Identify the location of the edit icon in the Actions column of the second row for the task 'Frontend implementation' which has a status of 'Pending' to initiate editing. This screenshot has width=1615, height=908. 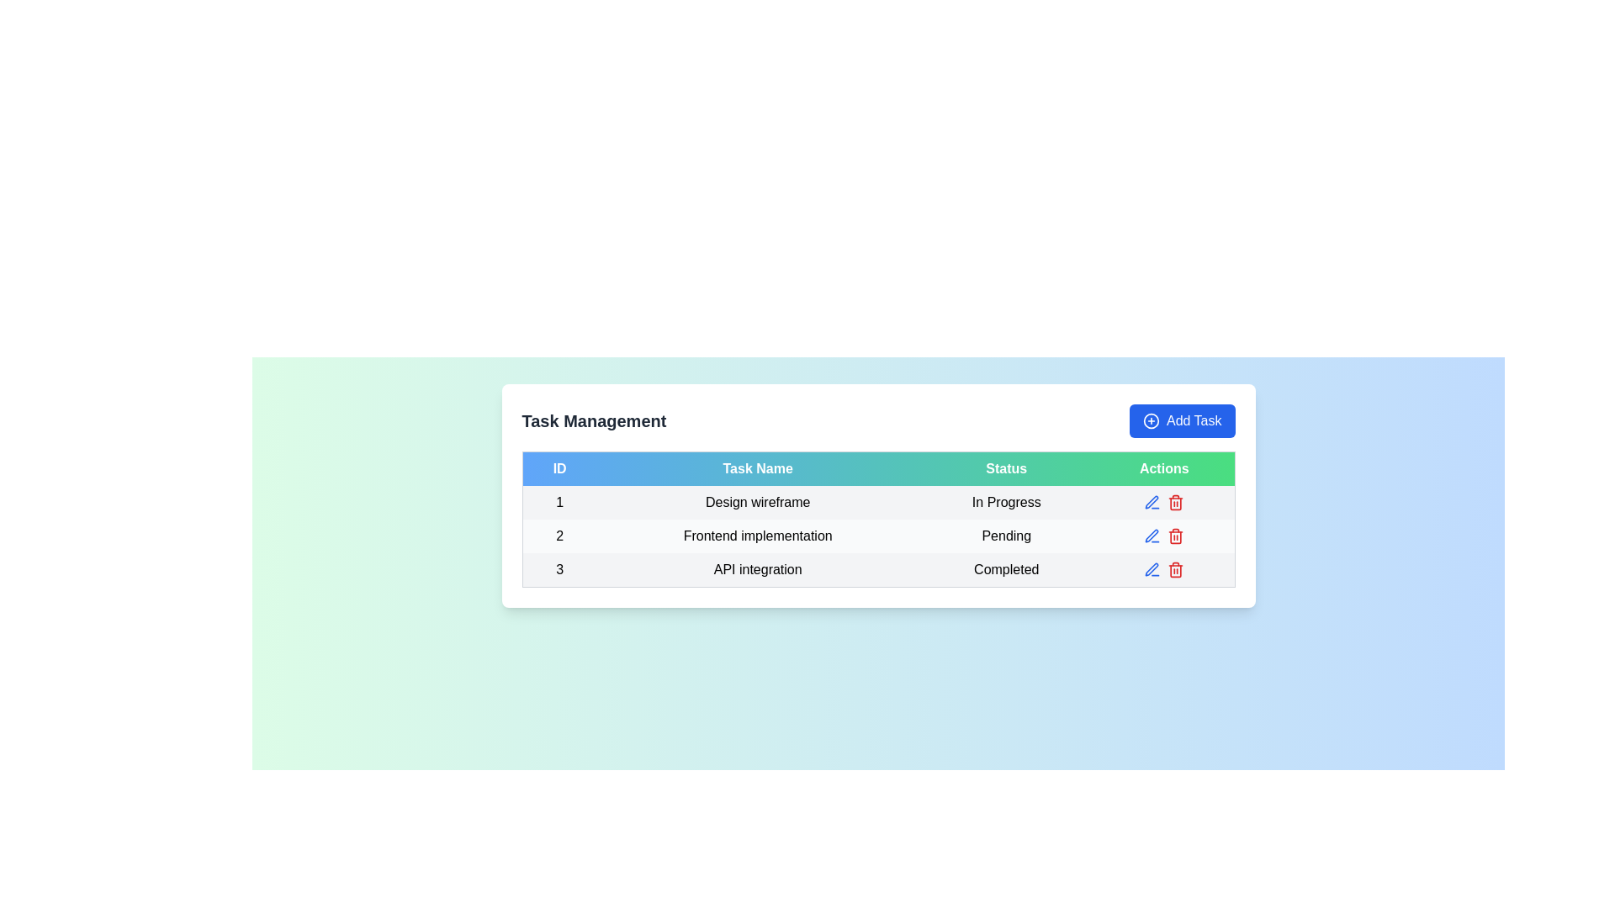
(1150, 535).